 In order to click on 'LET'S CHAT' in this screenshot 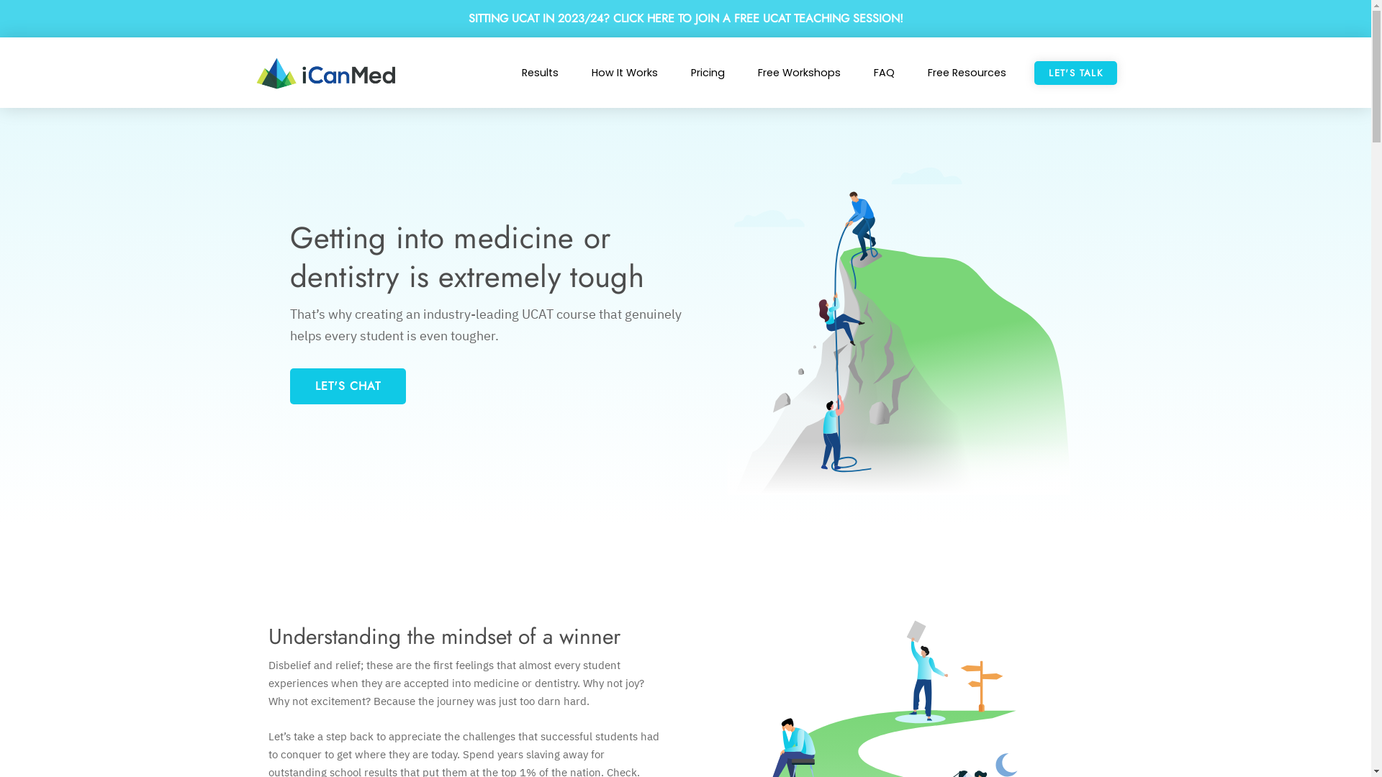, I will do `click(347, 385)`.